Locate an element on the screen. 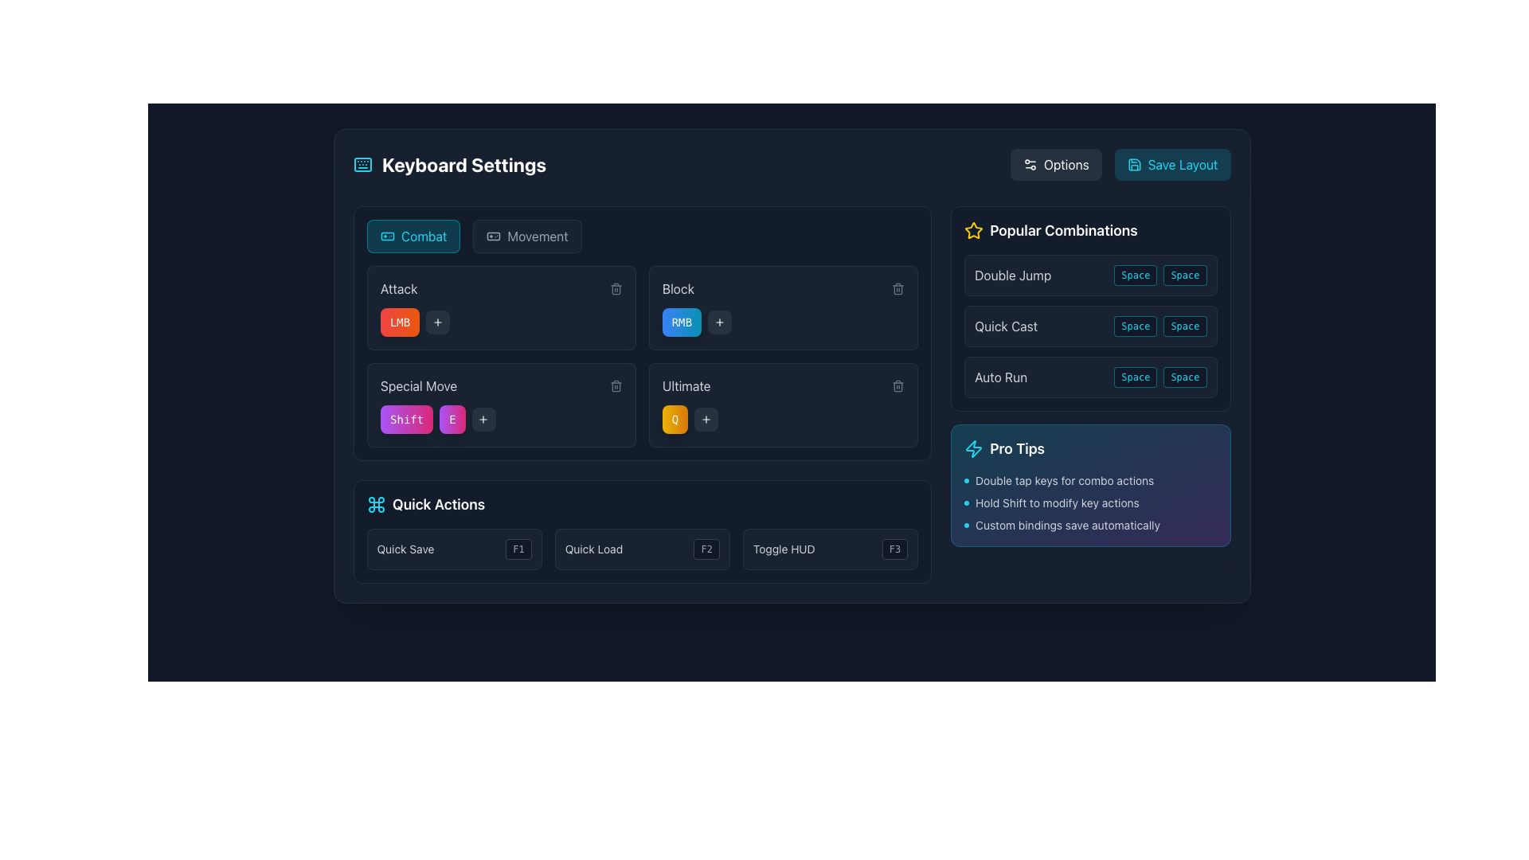 The height and width of the screenshot is (860, 1529). the 'Attack' static text label in the combat section of the keyboard settings interface is located at coordinates (398, 288).